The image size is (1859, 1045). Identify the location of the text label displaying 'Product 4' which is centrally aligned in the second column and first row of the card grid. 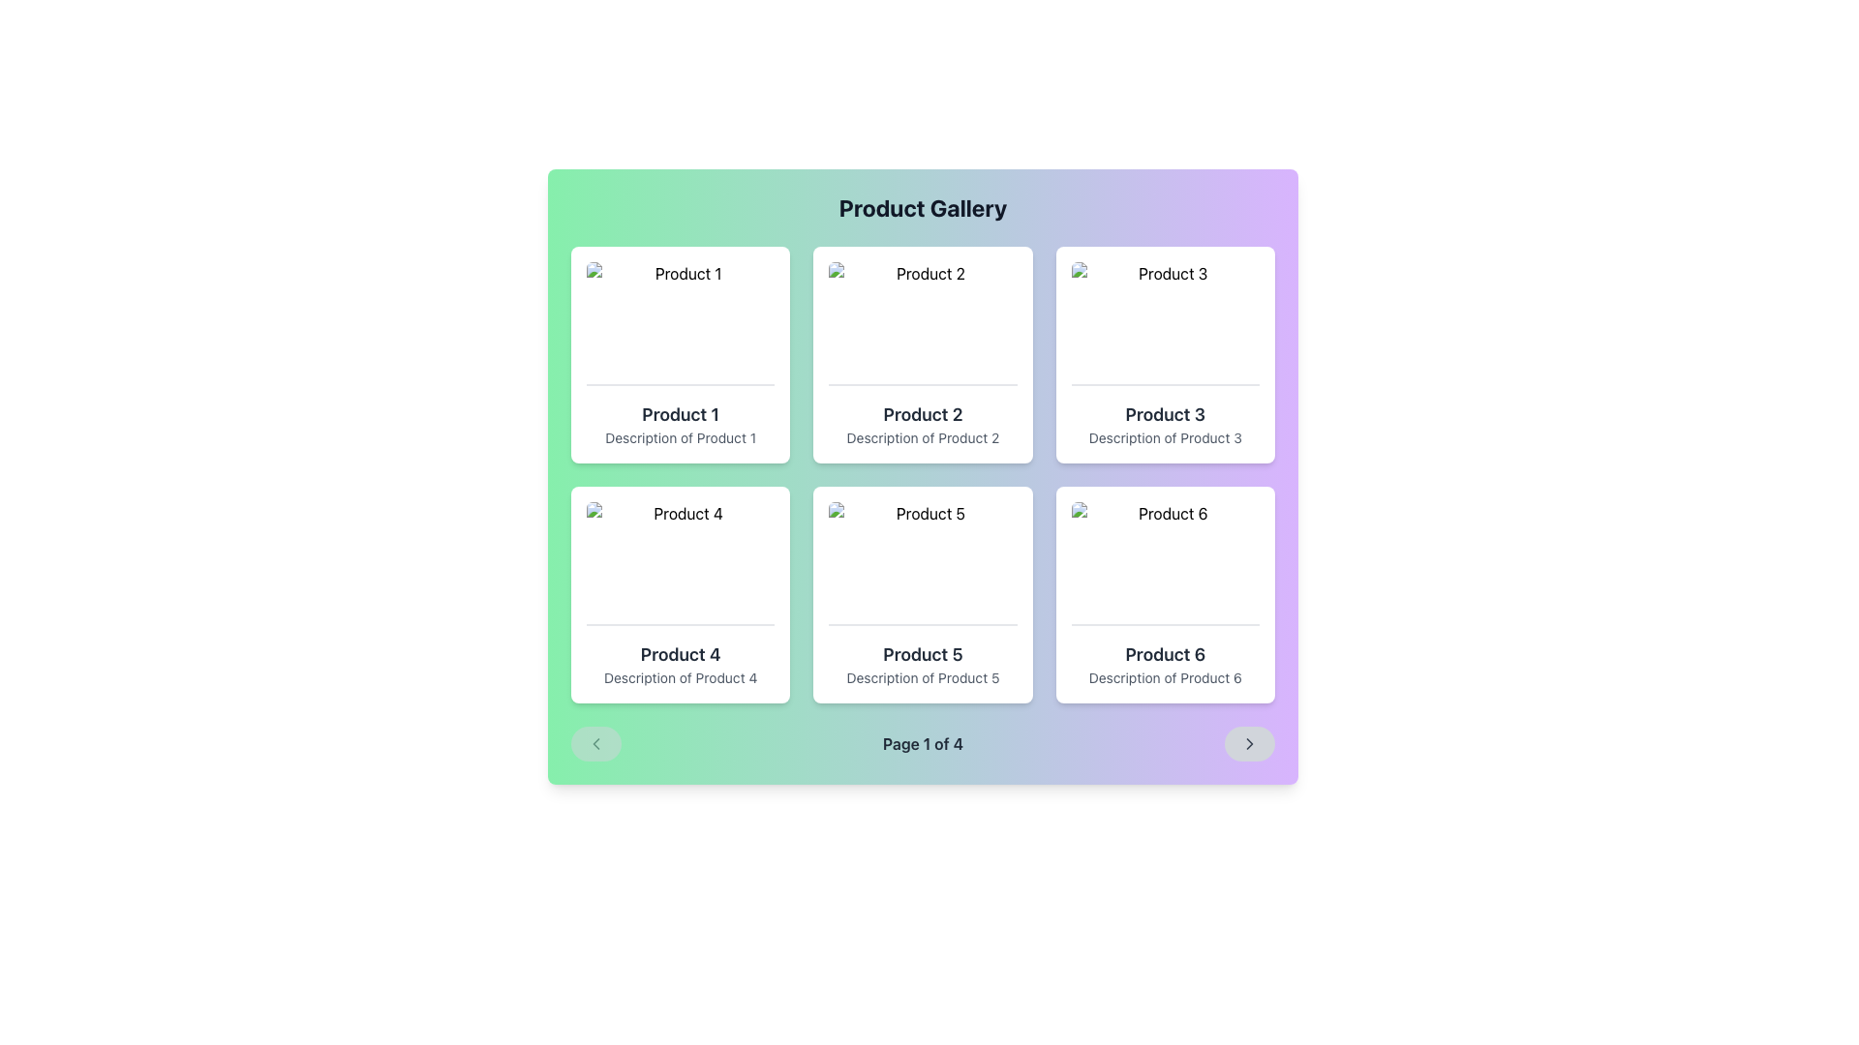
(681, 654).